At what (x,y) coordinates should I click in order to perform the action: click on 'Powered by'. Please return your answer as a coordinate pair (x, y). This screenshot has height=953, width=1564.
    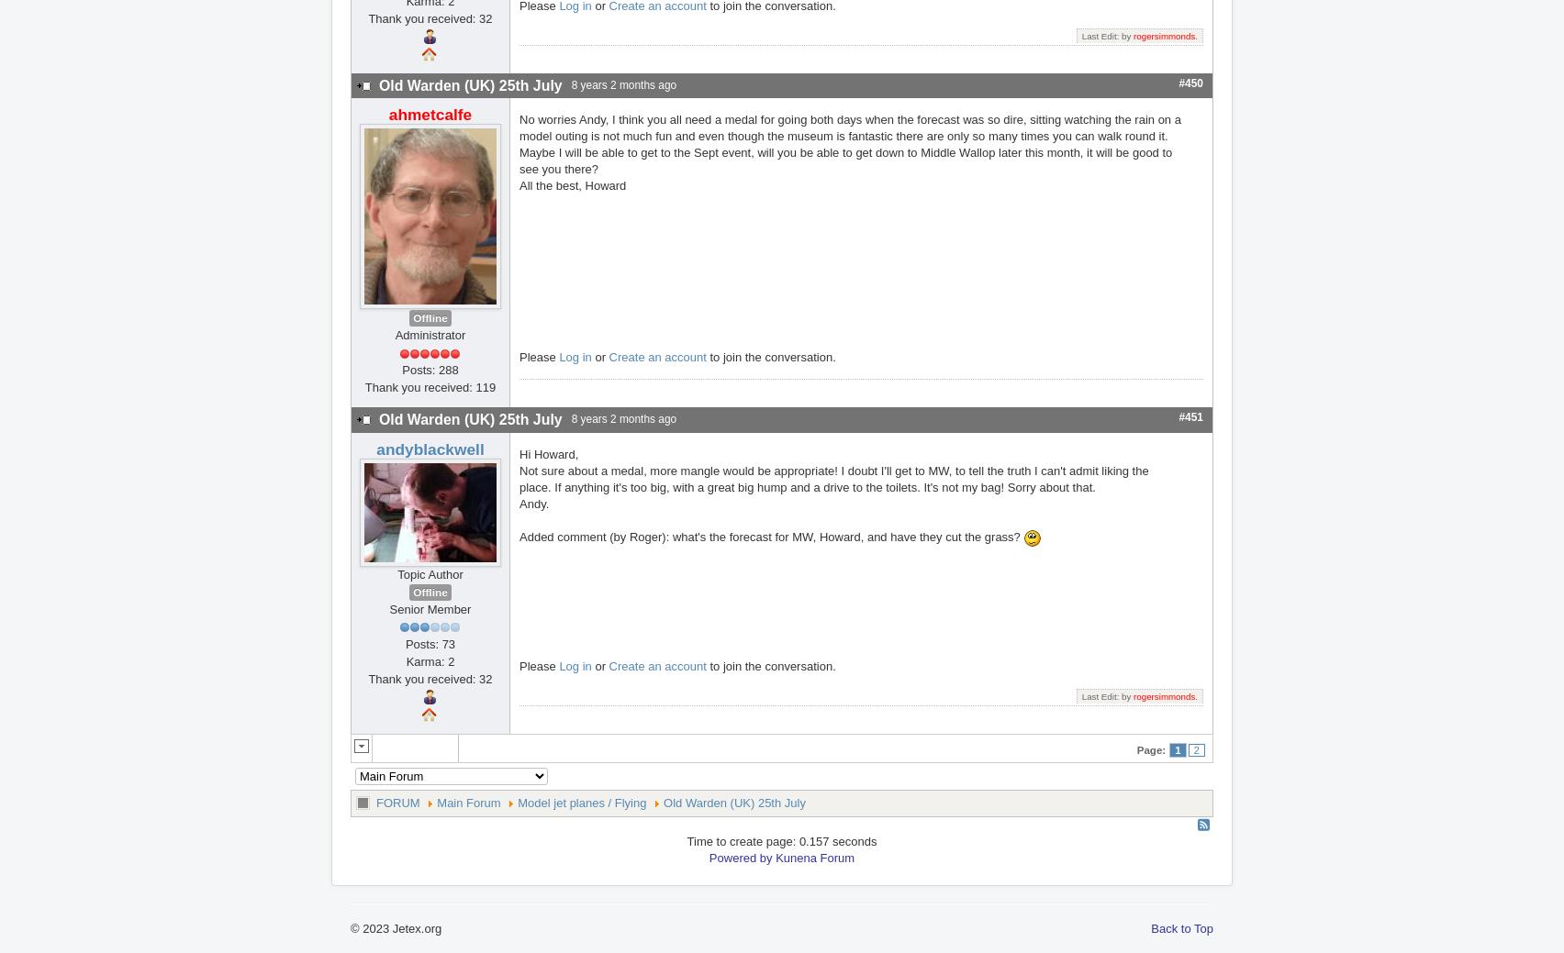
    Looking at the image, I should click on (739, 857).